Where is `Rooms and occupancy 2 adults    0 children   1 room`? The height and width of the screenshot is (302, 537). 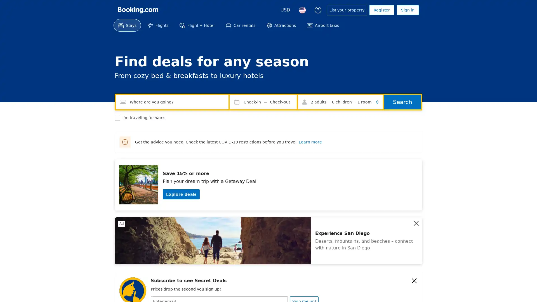 Rooms and occupancy 2 adults    0 children   1 room is located at coordinates (340, 102).